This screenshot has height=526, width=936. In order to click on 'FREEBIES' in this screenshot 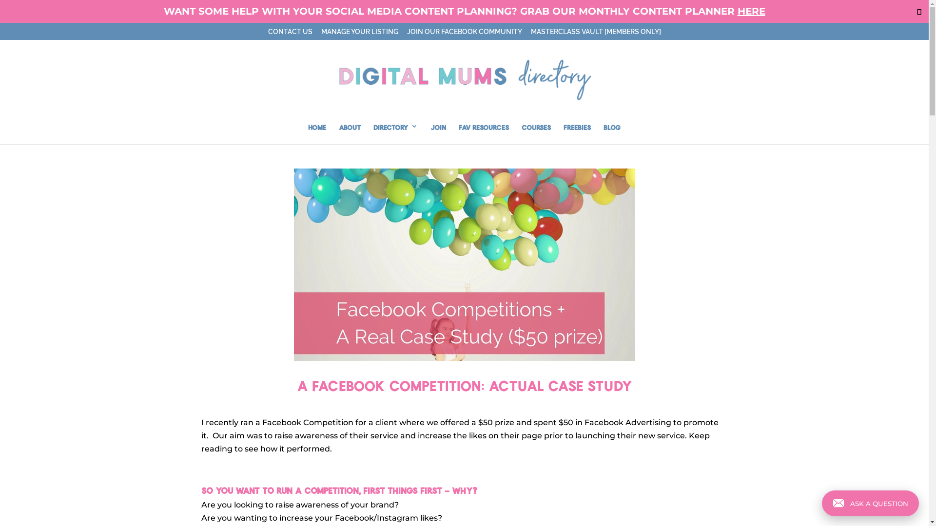, I will do `click(577, 133)`.